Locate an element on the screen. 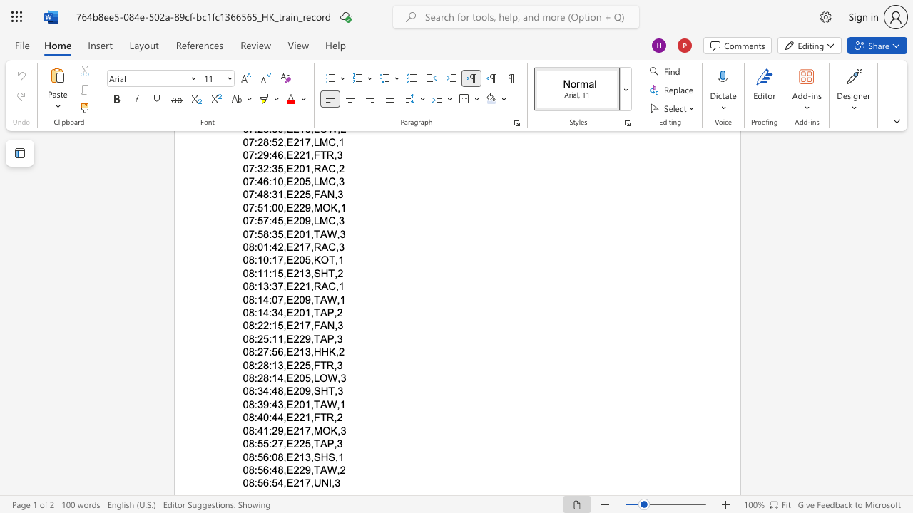 The height and width of the screenshot is (513, 913). the subset text "28:13,E" within the text "08:28:13,E225,FTR,3" is located at coordinates (257, 364).